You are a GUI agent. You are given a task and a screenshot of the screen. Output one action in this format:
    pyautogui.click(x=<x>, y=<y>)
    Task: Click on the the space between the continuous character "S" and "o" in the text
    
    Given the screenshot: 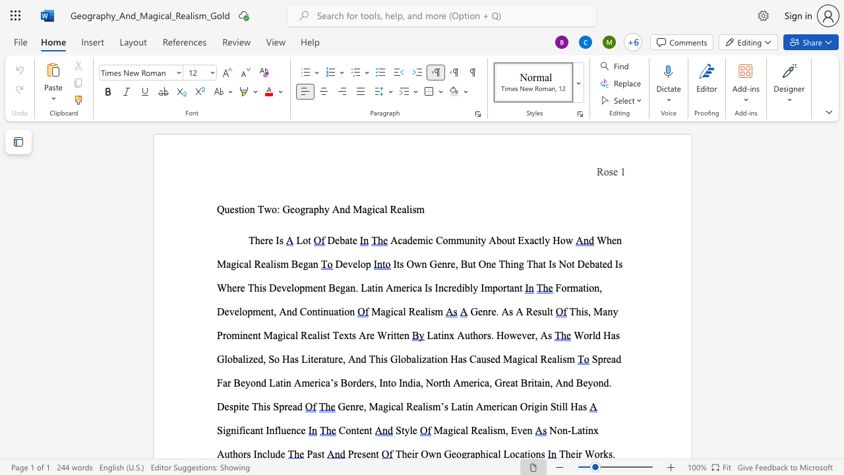 What is the action you would take?
    pyautogui.click(x=273, y=359)
    